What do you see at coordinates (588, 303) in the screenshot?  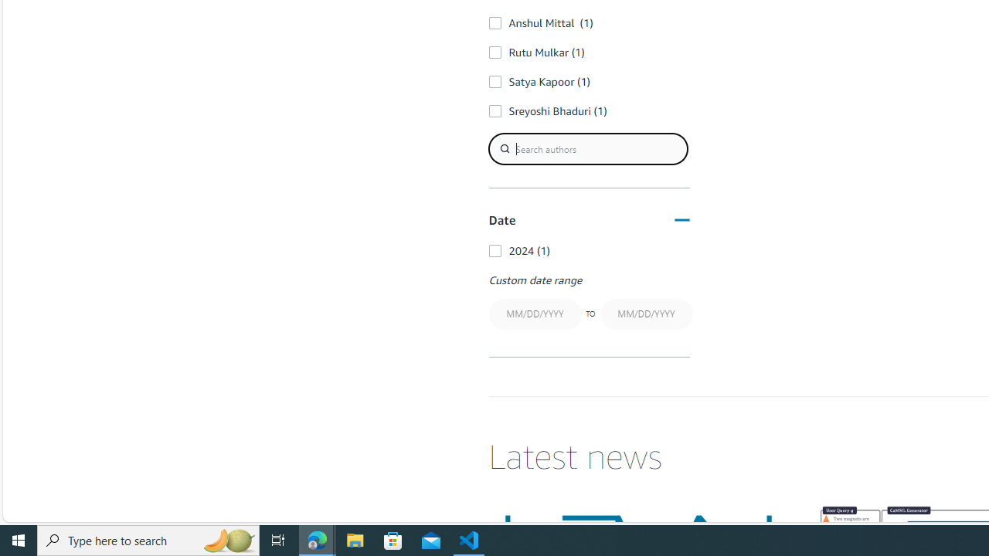 I see `'Custom date rangeTO'` at bounding box center [588, 303].